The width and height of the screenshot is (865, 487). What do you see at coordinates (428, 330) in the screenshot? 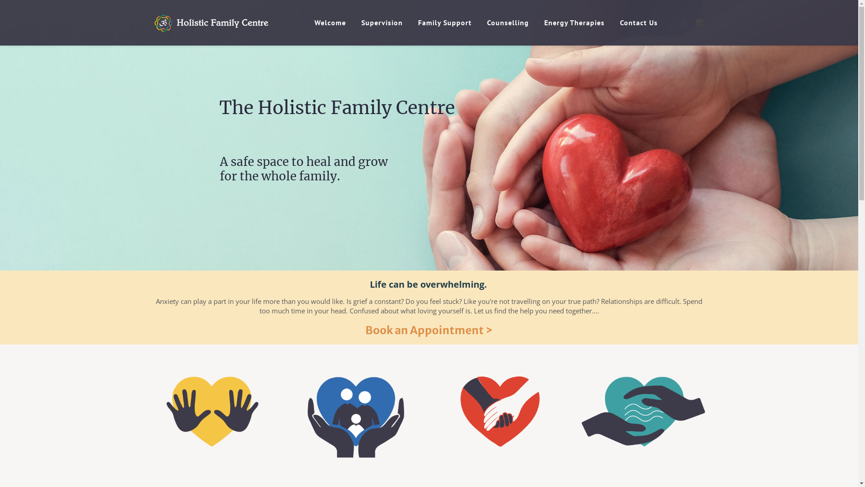
I see `'Book an Appointment >'` at bounding box center [428, 330].